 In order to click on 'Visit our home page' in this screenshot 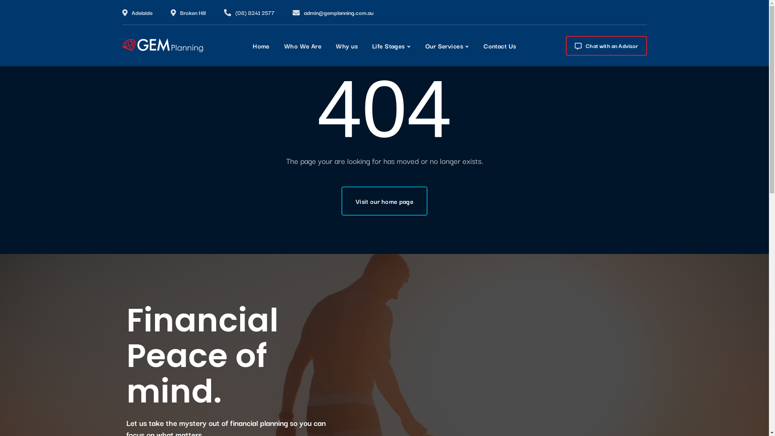, I will do `click(384, 200)`.